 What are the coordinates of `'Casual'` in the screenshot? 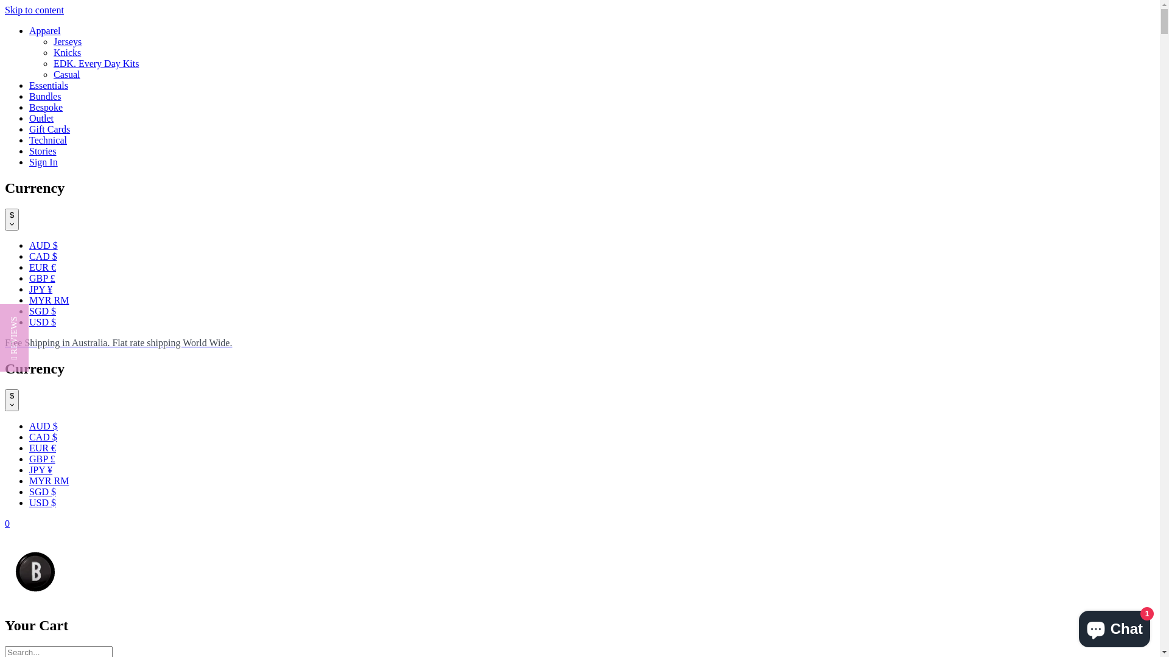 It's located at (66, 74).